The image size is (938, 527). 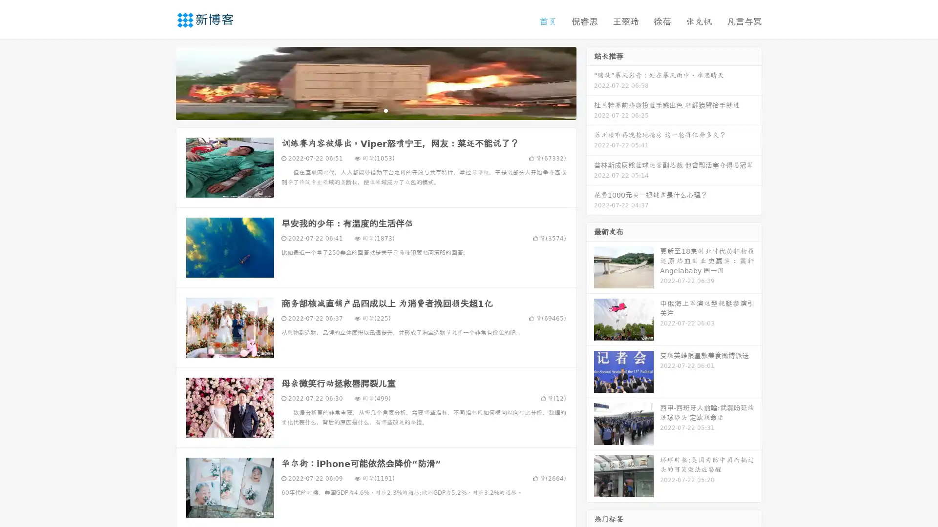 I want to click on Go to slide 1, so click(x=365, y=110).